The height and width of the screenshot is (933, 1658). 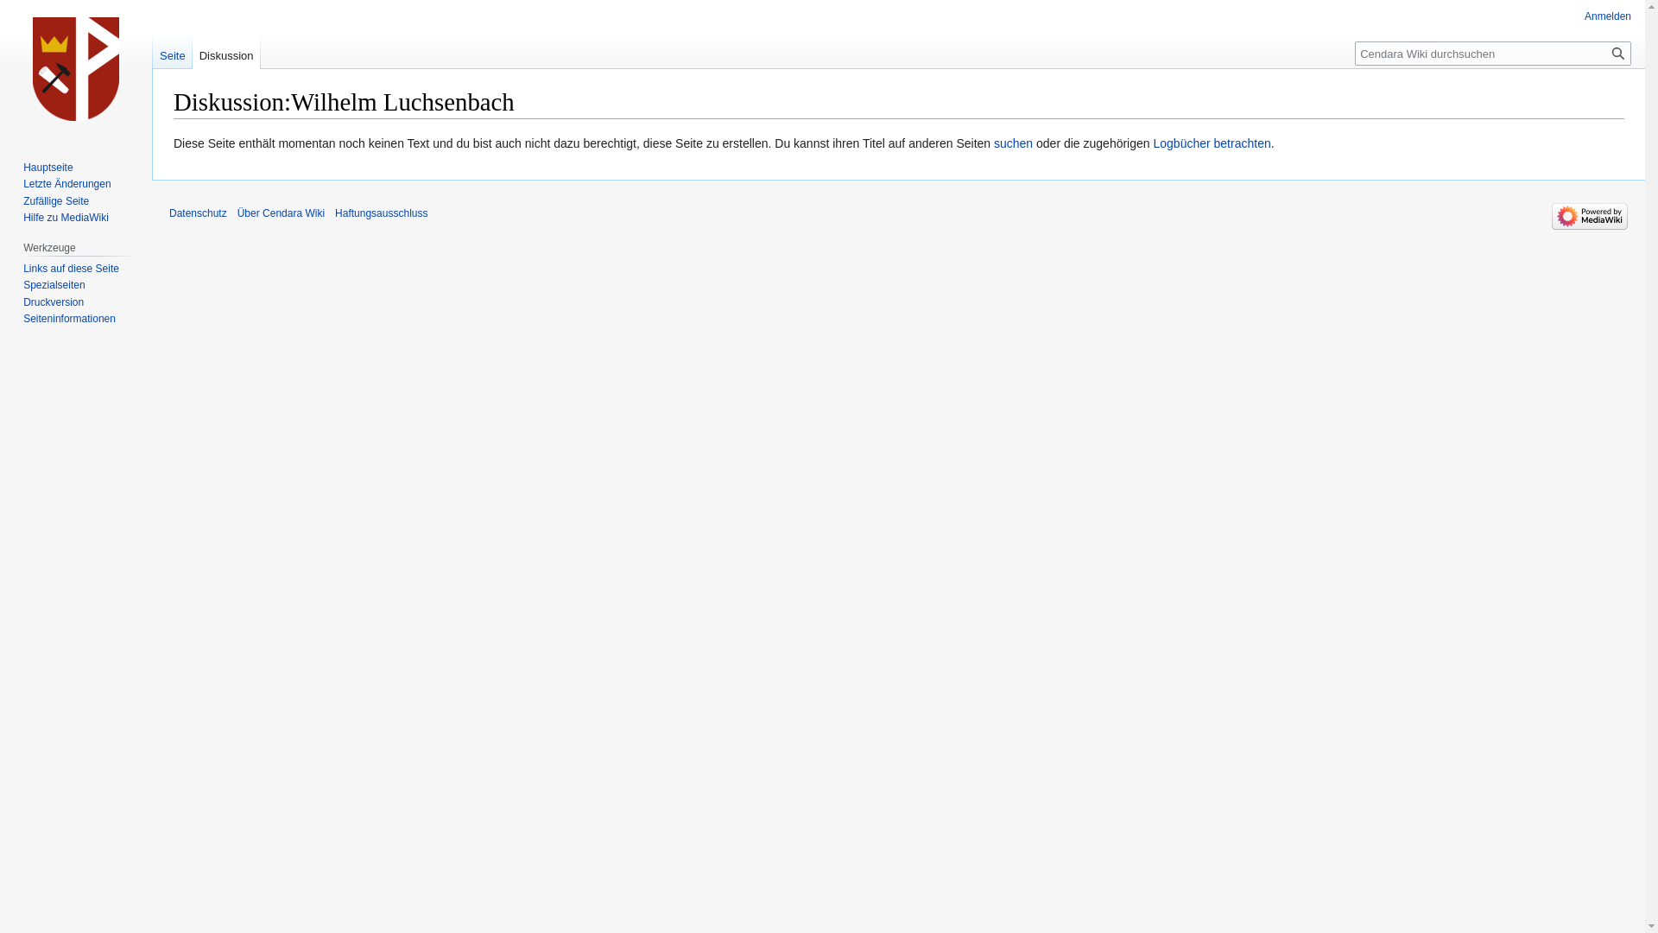 I want to click on 'Druckversion', so click(x=23, y=301).